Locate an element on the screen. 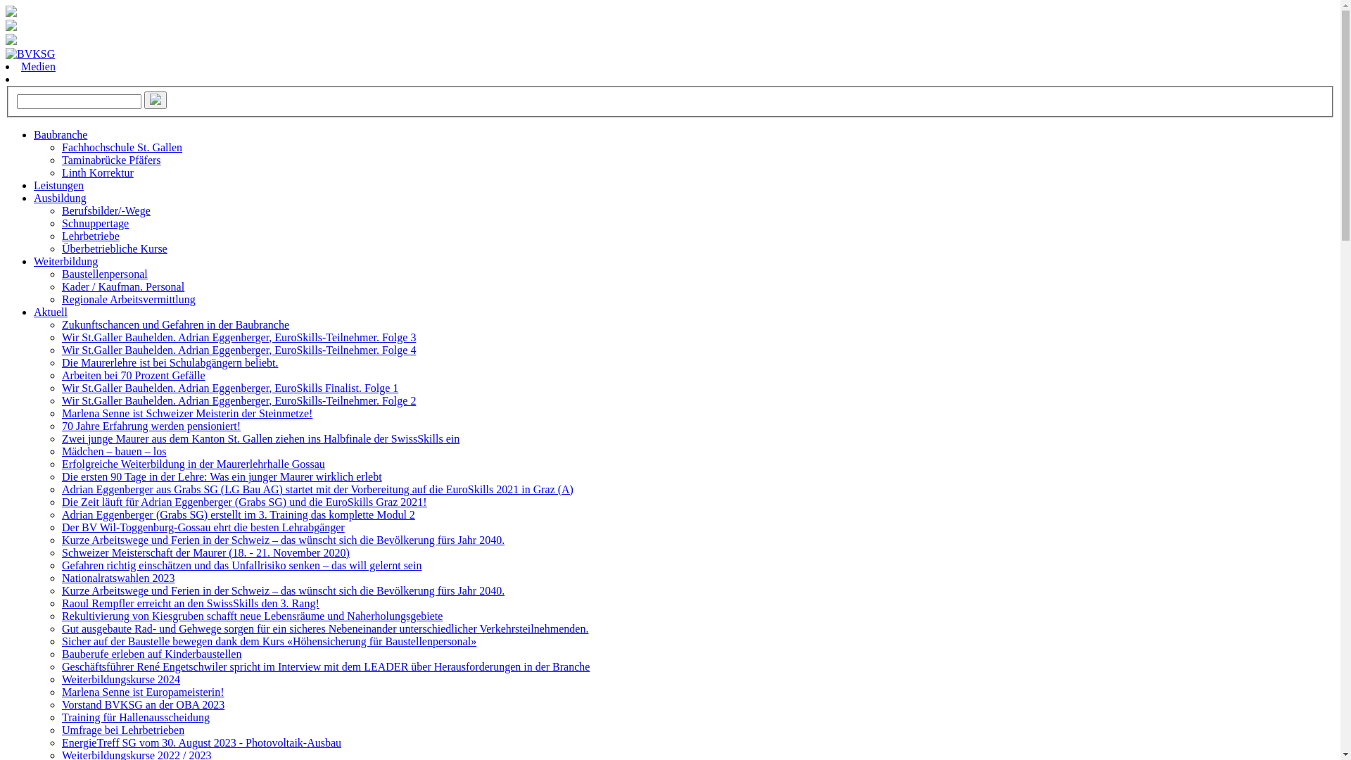 This screenshot has height=760, width=1351. 'Vorstand BVKSG an der OBA 2023' is located at coordinates (61, 704).